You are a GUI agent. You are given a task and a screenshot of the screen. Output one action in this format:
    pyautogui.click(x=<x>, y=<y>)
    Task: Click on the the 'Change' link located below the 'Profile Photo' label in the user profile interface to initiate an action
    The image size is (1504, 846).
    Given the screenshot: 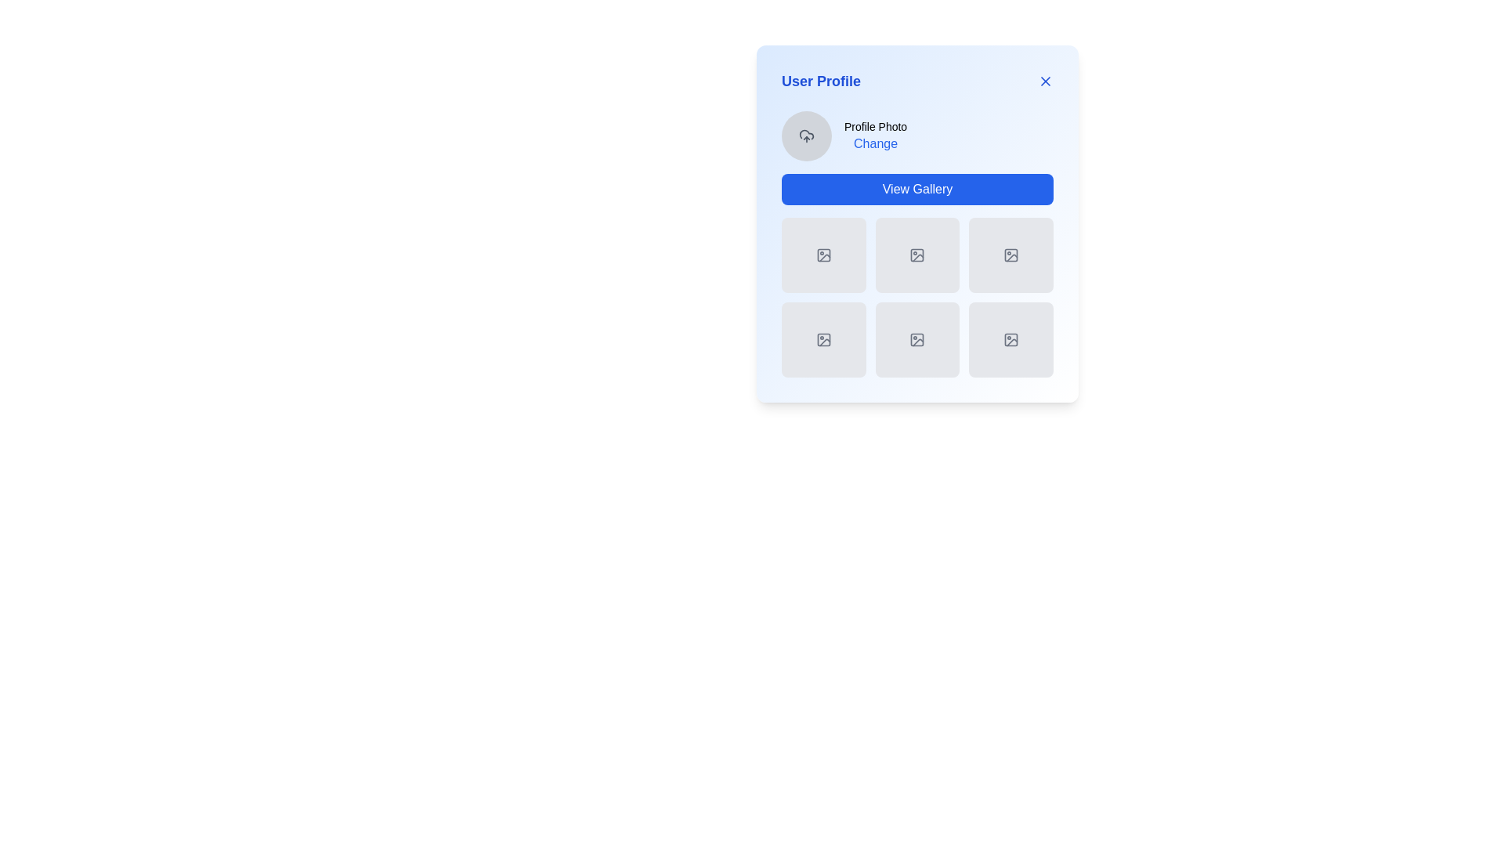 What is the action you would take?
    pyautogui.click(x=875, y=135)
    